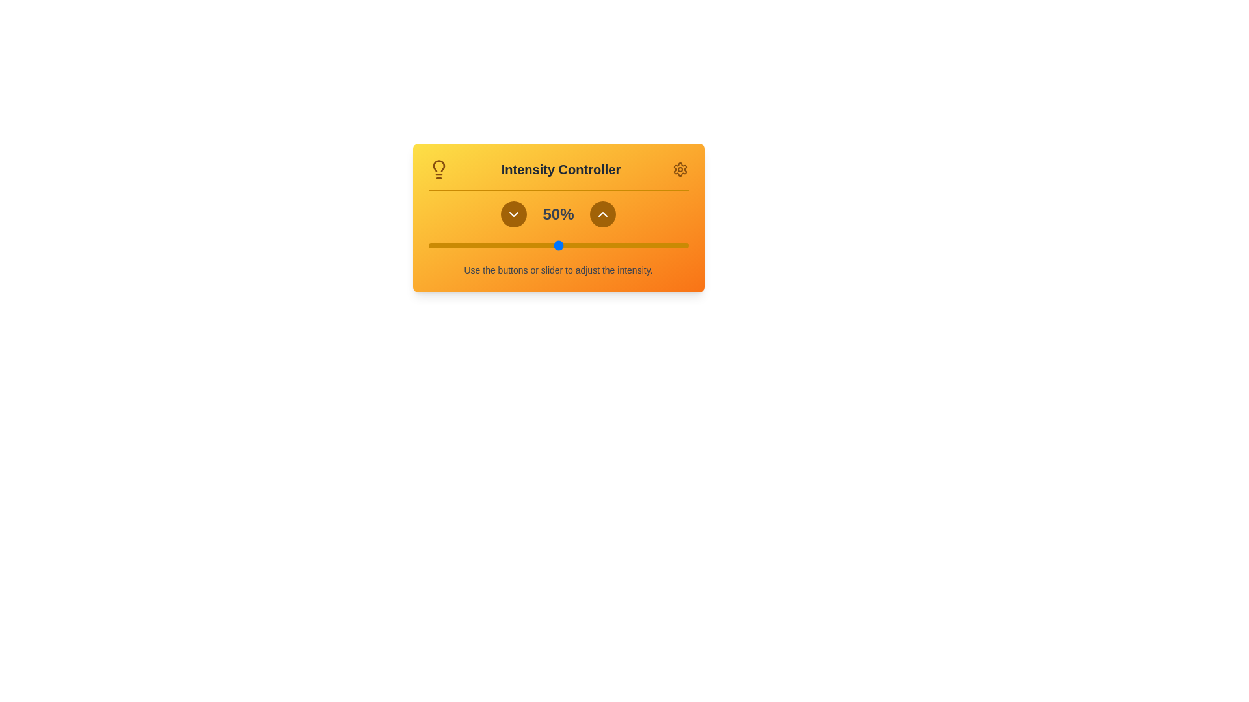 The width and height of the screenshot is (1249, 702). What do you see at coordinates (492, 246) in the screenshot?
I see `intensity` at bounding box center [492, 246].